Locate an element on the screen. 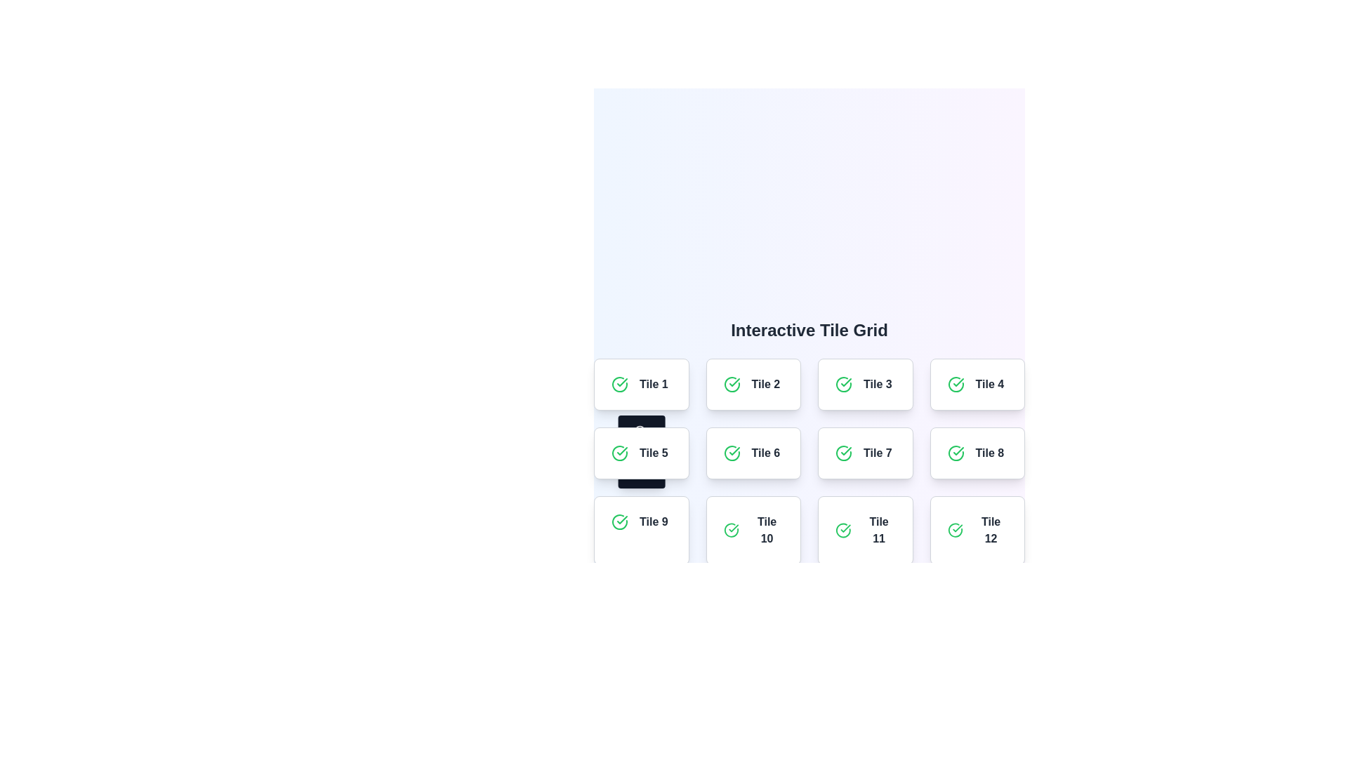 This screenshot has height=758, width=1348. the fourth tile in the first row of the grid layout is located at coordinates (977, 384).